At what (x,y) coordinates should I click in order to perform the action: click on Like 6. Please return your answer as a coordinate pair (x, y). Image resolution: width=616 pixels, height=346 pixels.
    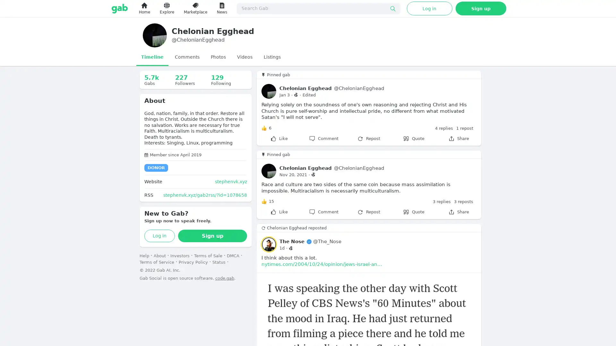
    Looking at the image, I should click on (266, 128).